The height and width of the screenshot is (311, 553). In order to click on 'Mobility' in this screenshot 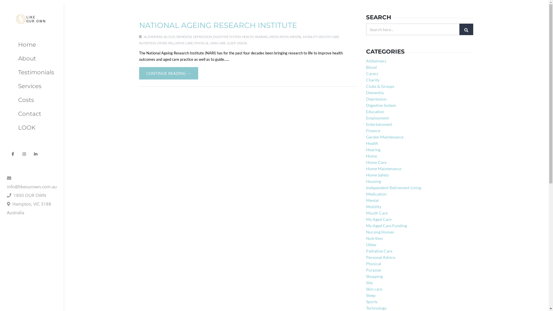, I will do `click(374, 206)`.